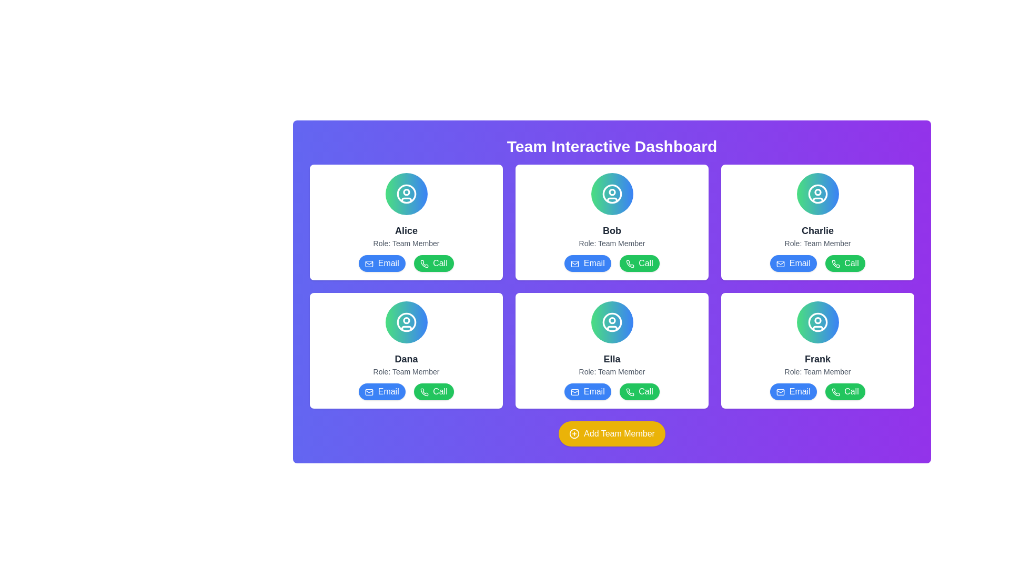 This screenshot has width=1010, height=568. What do you see at coordinates (781, 263) in the screenshot?
I see `the email icon located inside the 'Email' button, to the left of the 'Email' text, within the card for team member 'Charlie' in the upper right corner of the grid layout` at bounding box center [781, 263].